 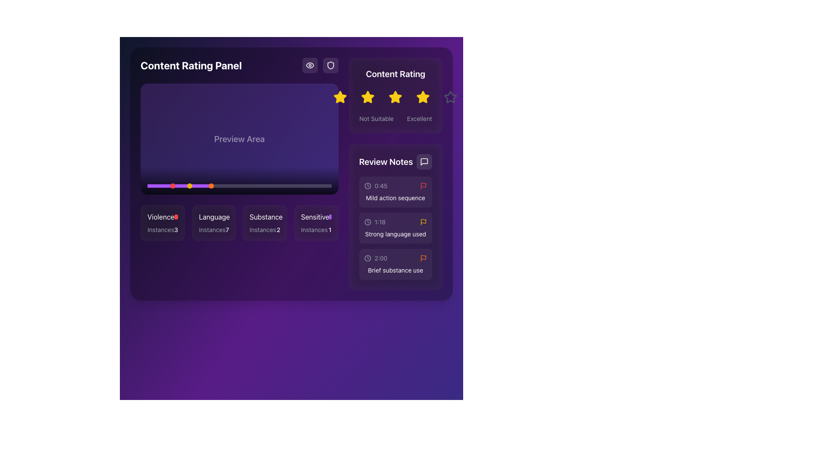 What do you see at coordinates (395, 97) in the screenshot?
I see `the third star in the 'Content Rating' section` at bounding box center [395, 97].